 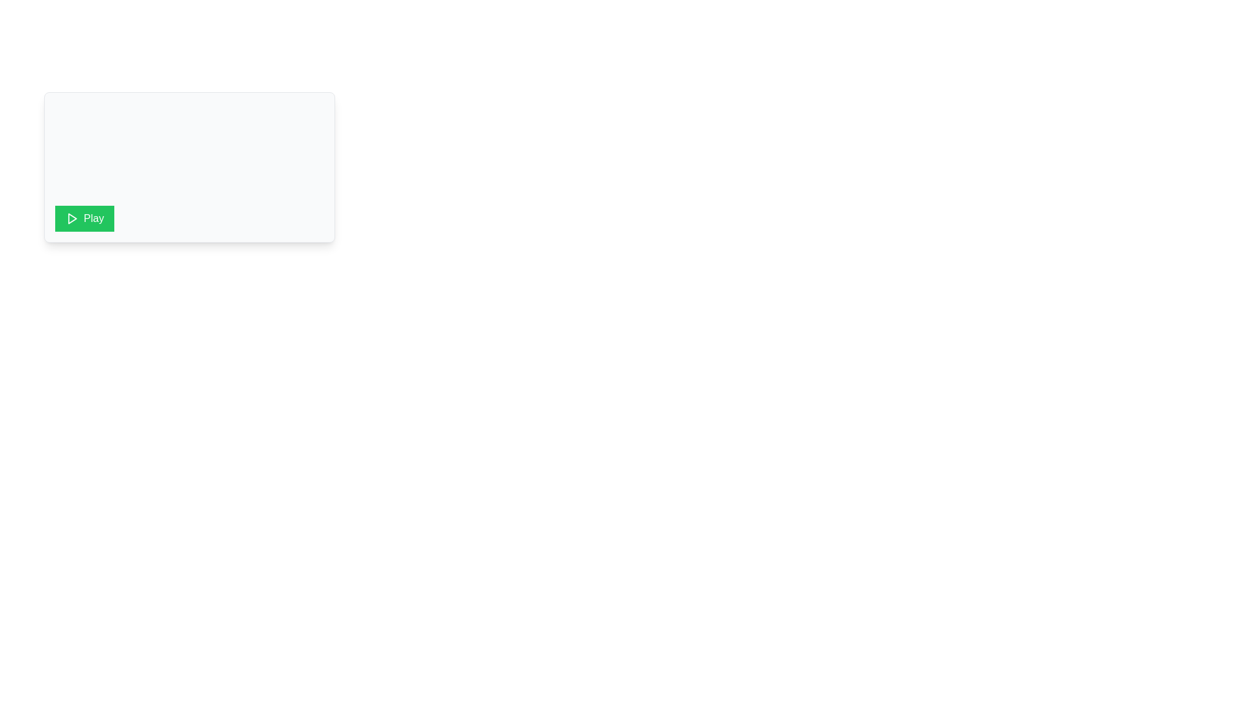 What do you see at coordinates (71, 217) in the screenshot?
I see `the 'Play' icon, which is a right-pointing triangle in white, embedded in a green circle, located at the bottom-left corner of the white rectangular card` at bounding box center [71, 217].